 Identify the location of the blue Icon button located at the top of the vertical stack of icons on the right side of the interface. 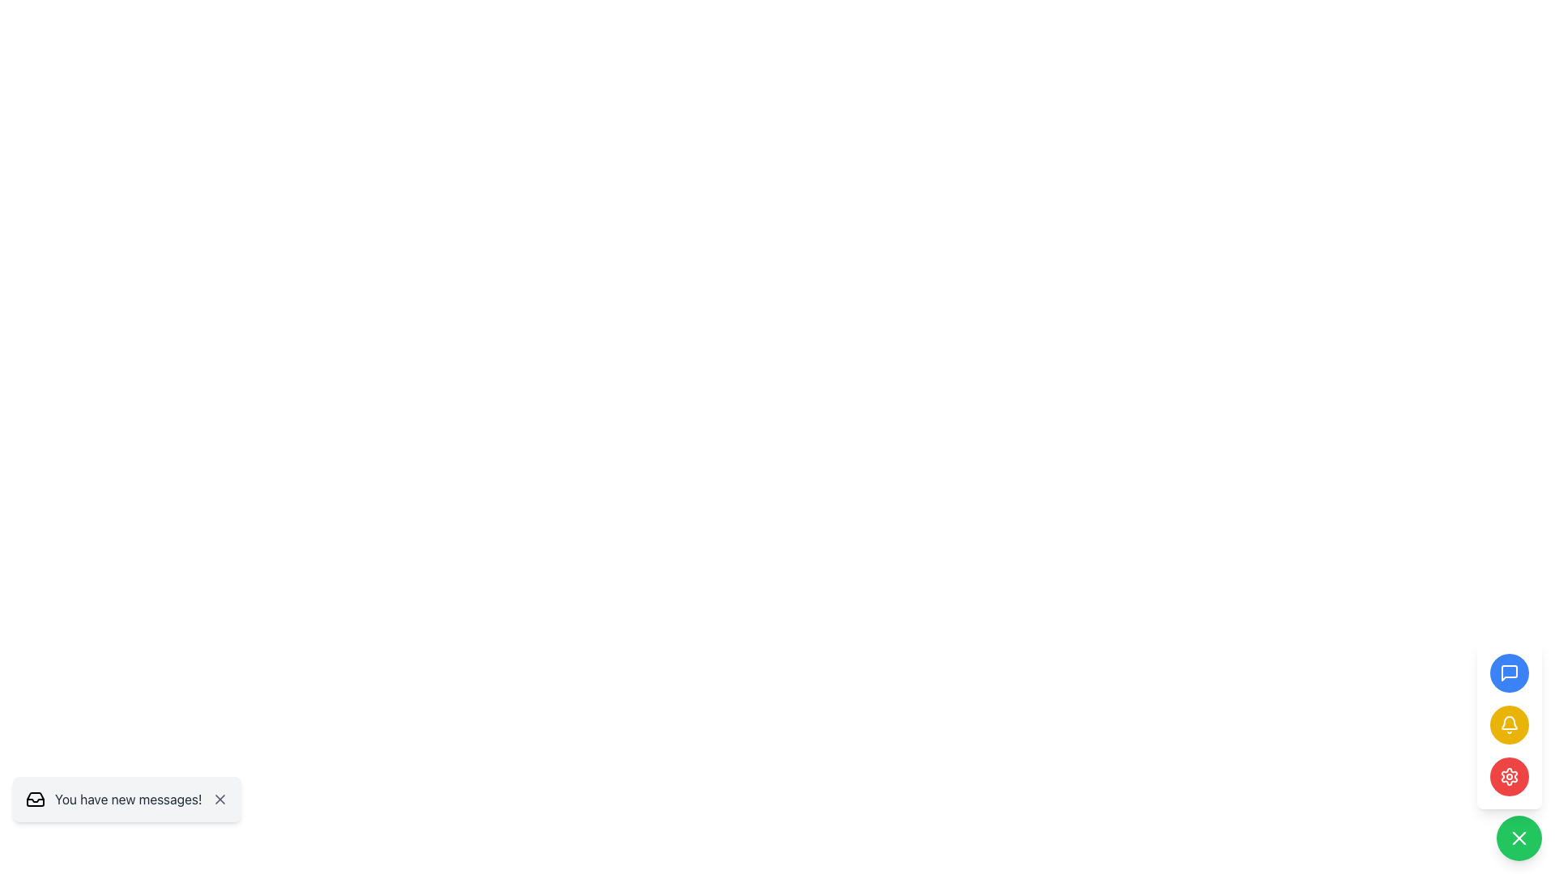
(1508, 673).